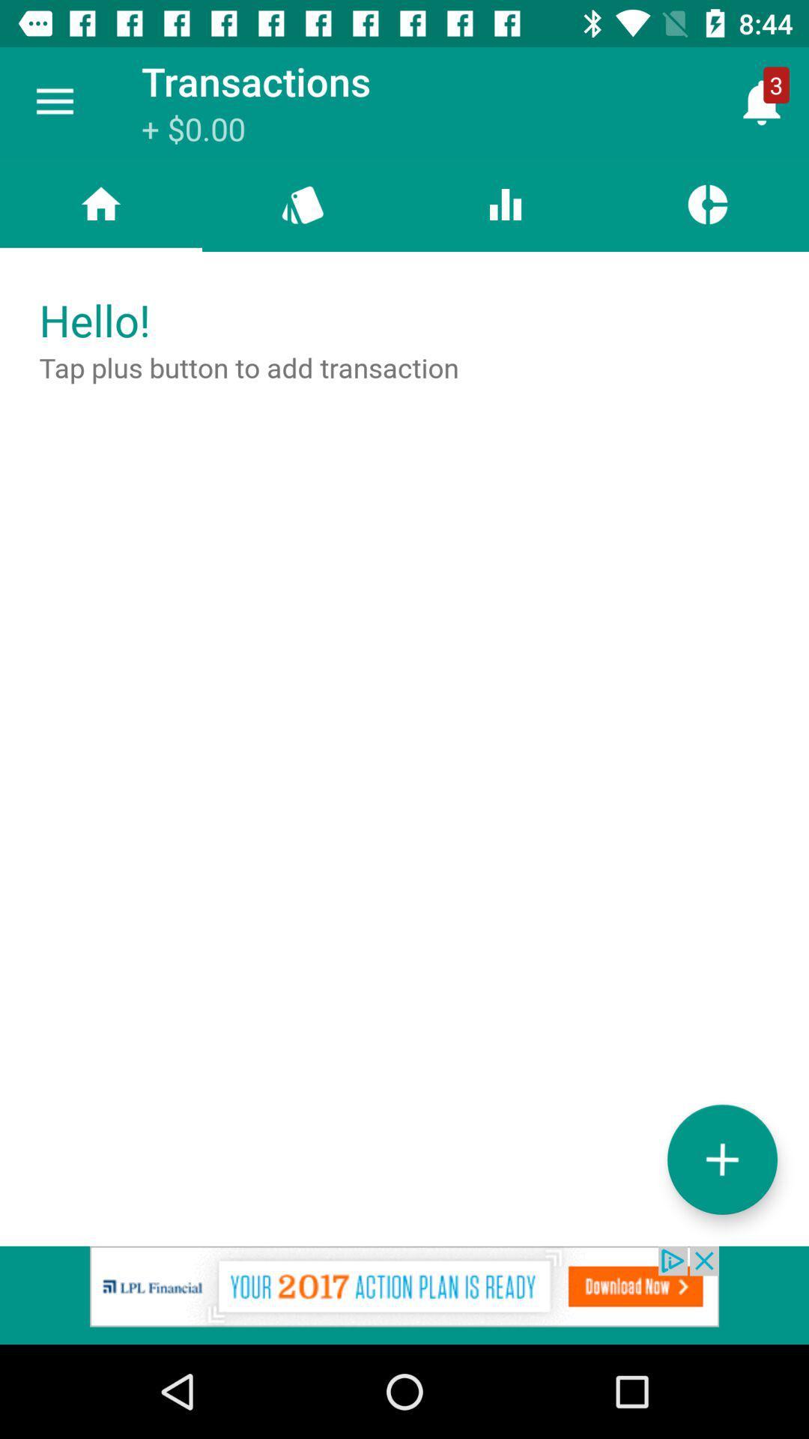  I want to click on advertisement, so click(404, 1294).